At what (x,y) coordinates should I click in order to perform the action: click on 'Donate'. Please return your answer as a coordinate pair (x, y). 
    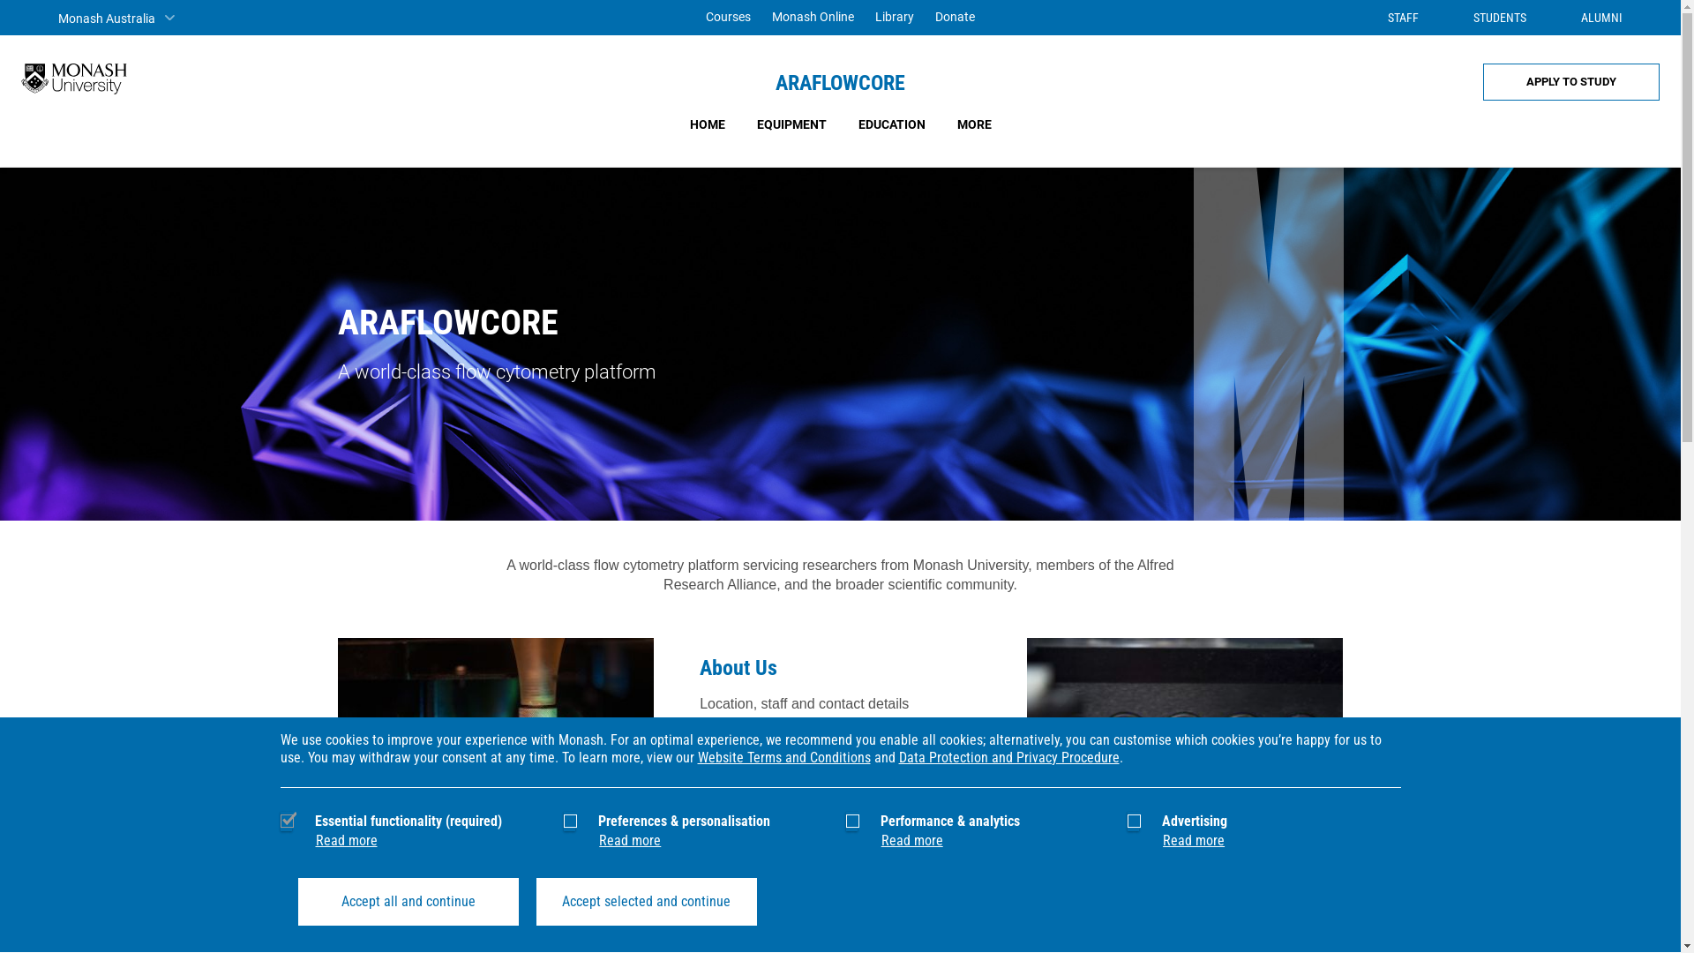
    Looking at the image, I should click on (954, 17).